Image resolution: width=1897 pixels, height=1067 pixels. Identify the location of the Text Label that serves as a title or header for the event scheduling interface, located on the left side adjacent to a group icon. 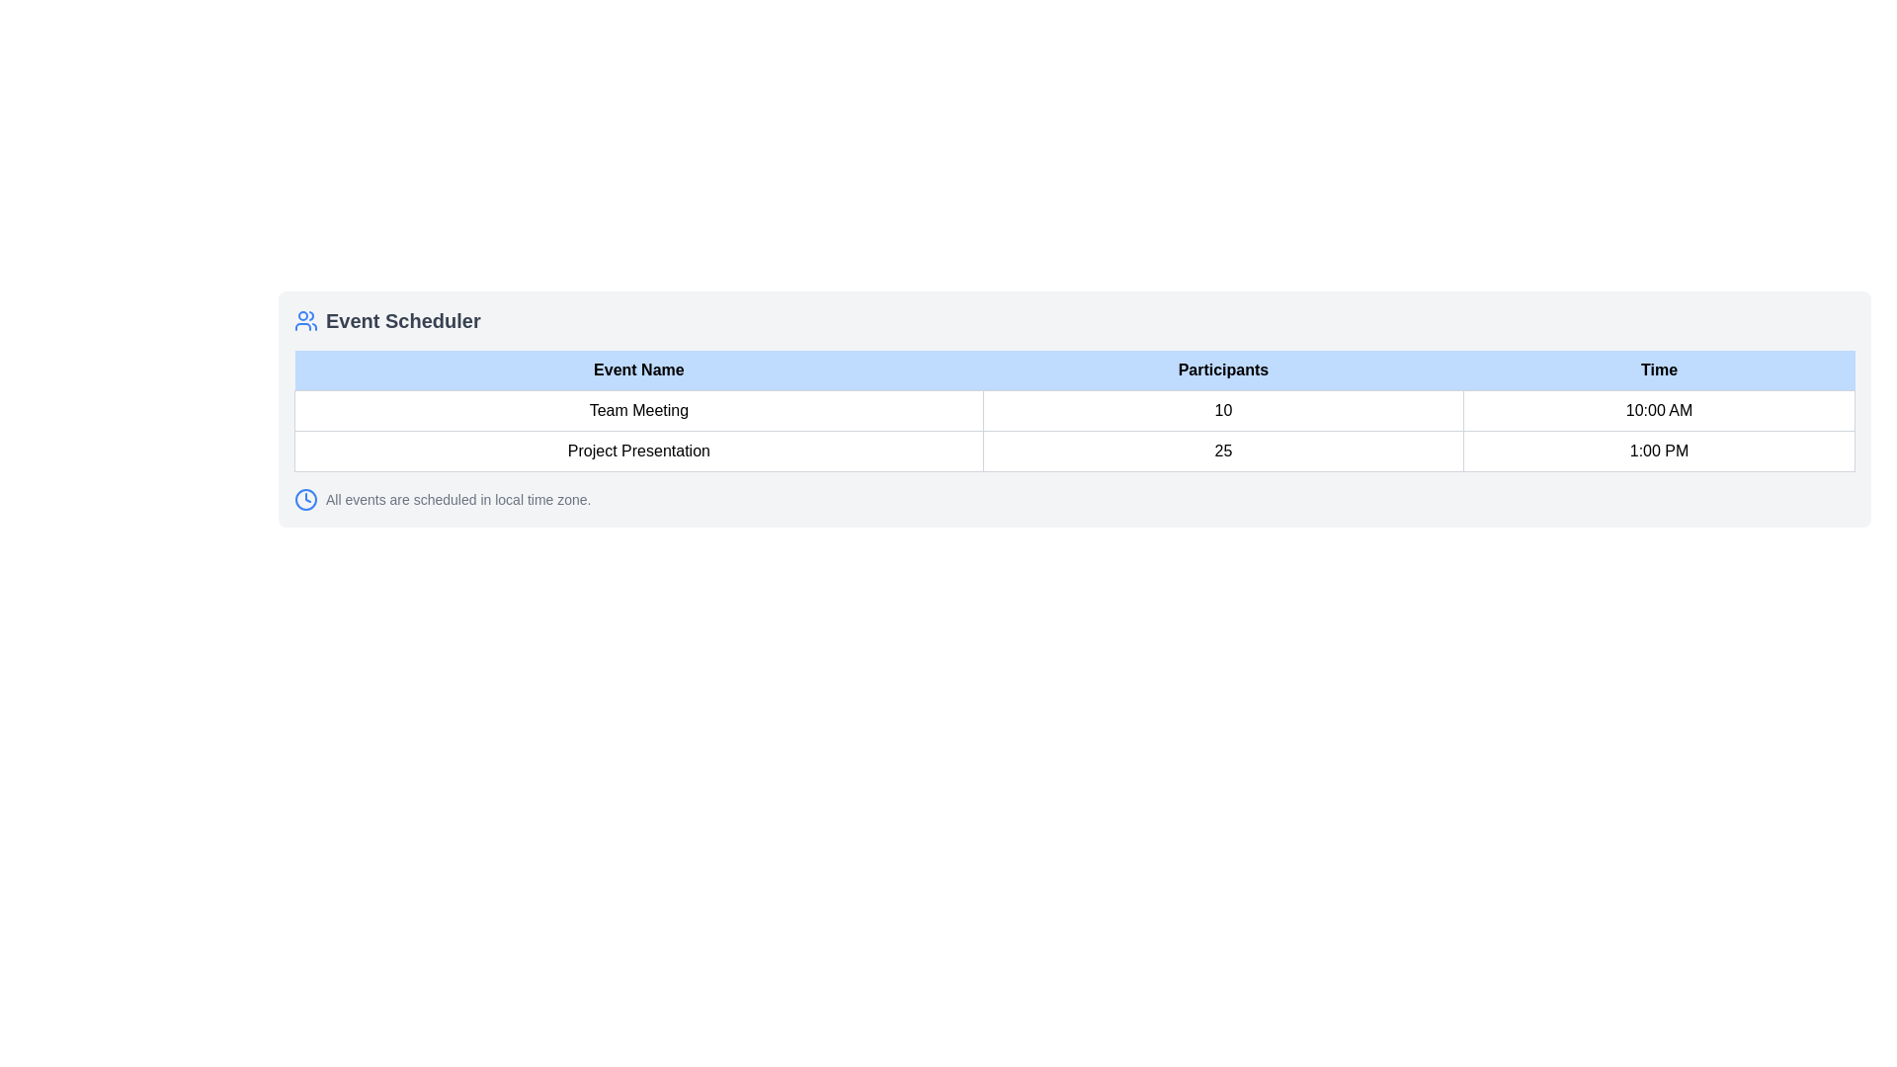
(402, 319).